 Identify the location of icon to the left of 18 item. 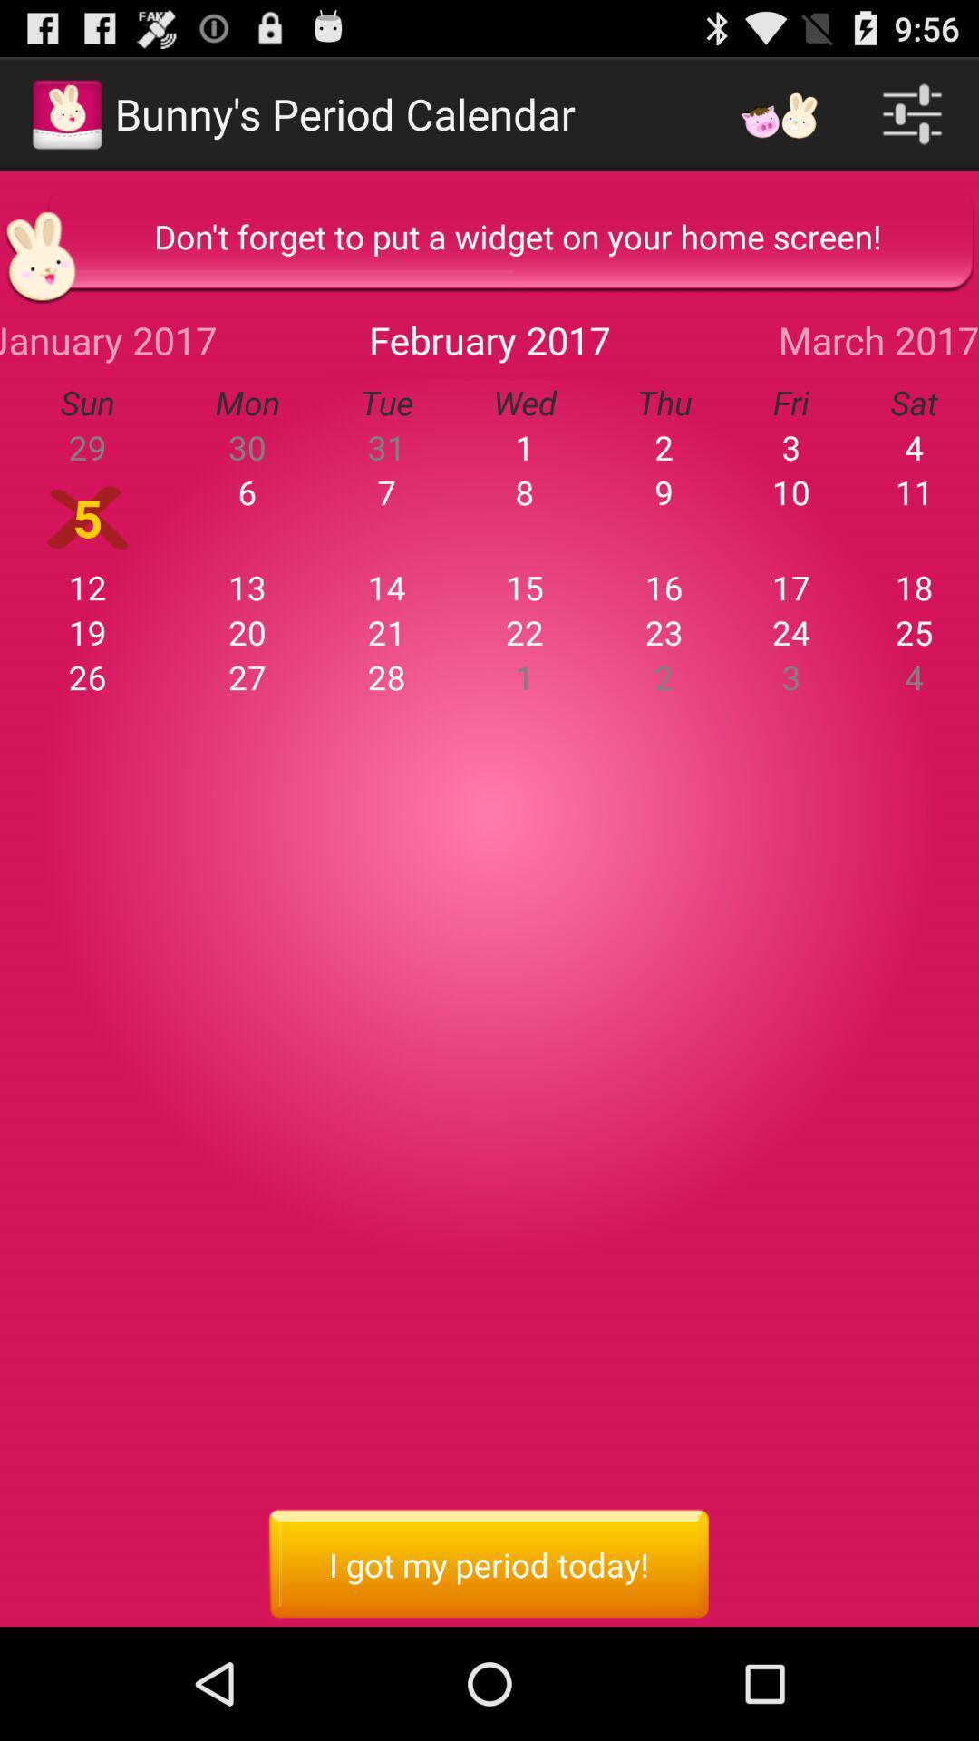
(790, 588).